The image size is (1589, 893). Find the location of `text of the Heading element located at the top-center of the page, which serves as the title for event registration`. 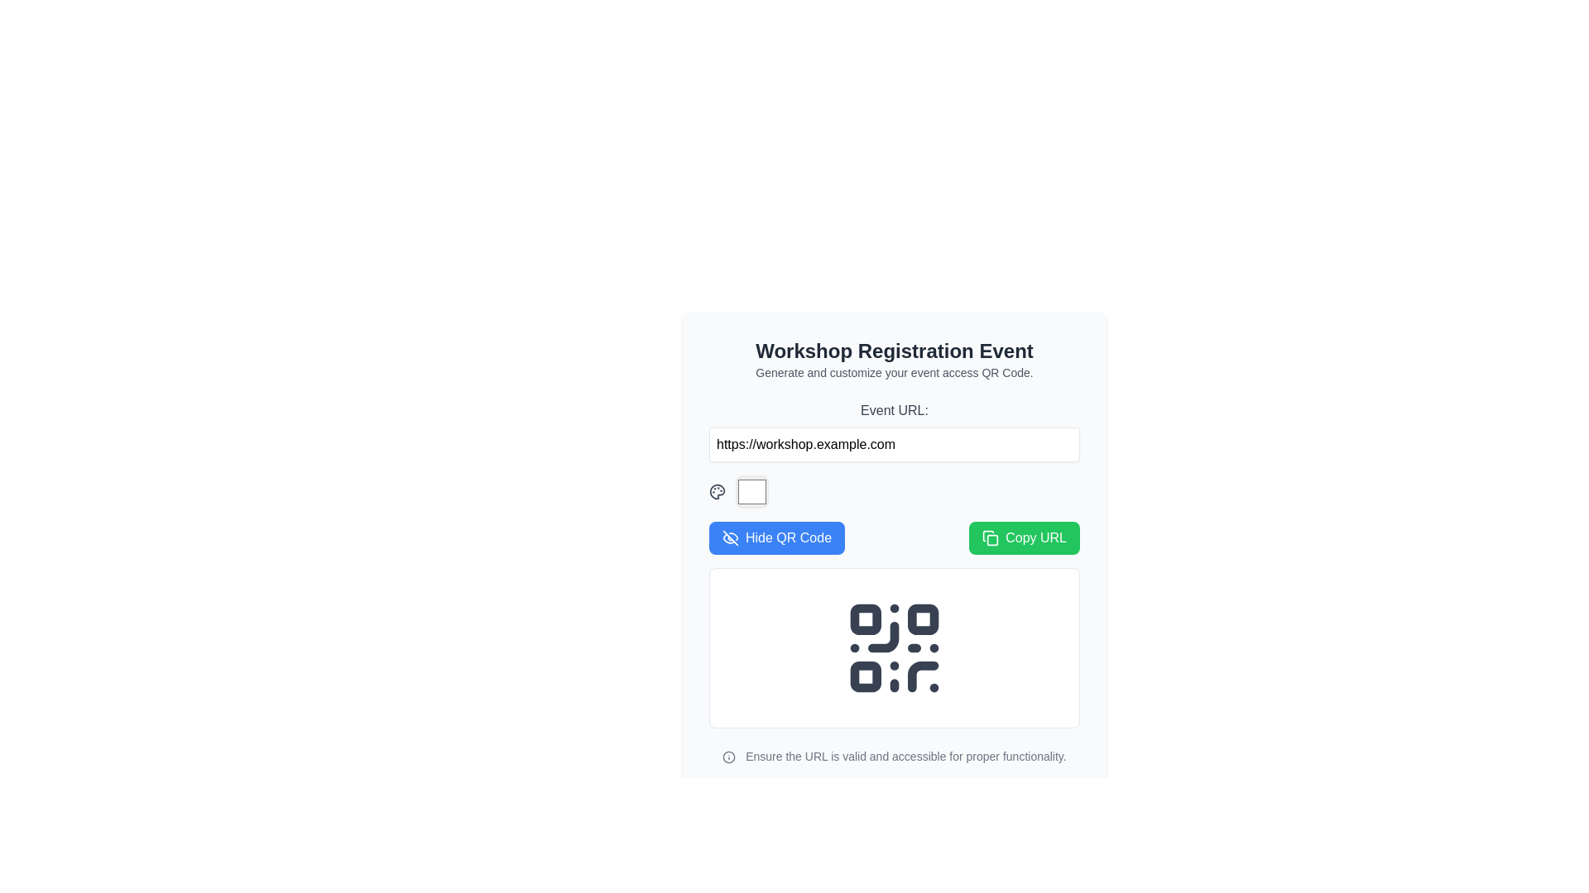

text of the Heading element located at the top-center of the page, which serves as the title for event registration is located at coordinates (893, 350).